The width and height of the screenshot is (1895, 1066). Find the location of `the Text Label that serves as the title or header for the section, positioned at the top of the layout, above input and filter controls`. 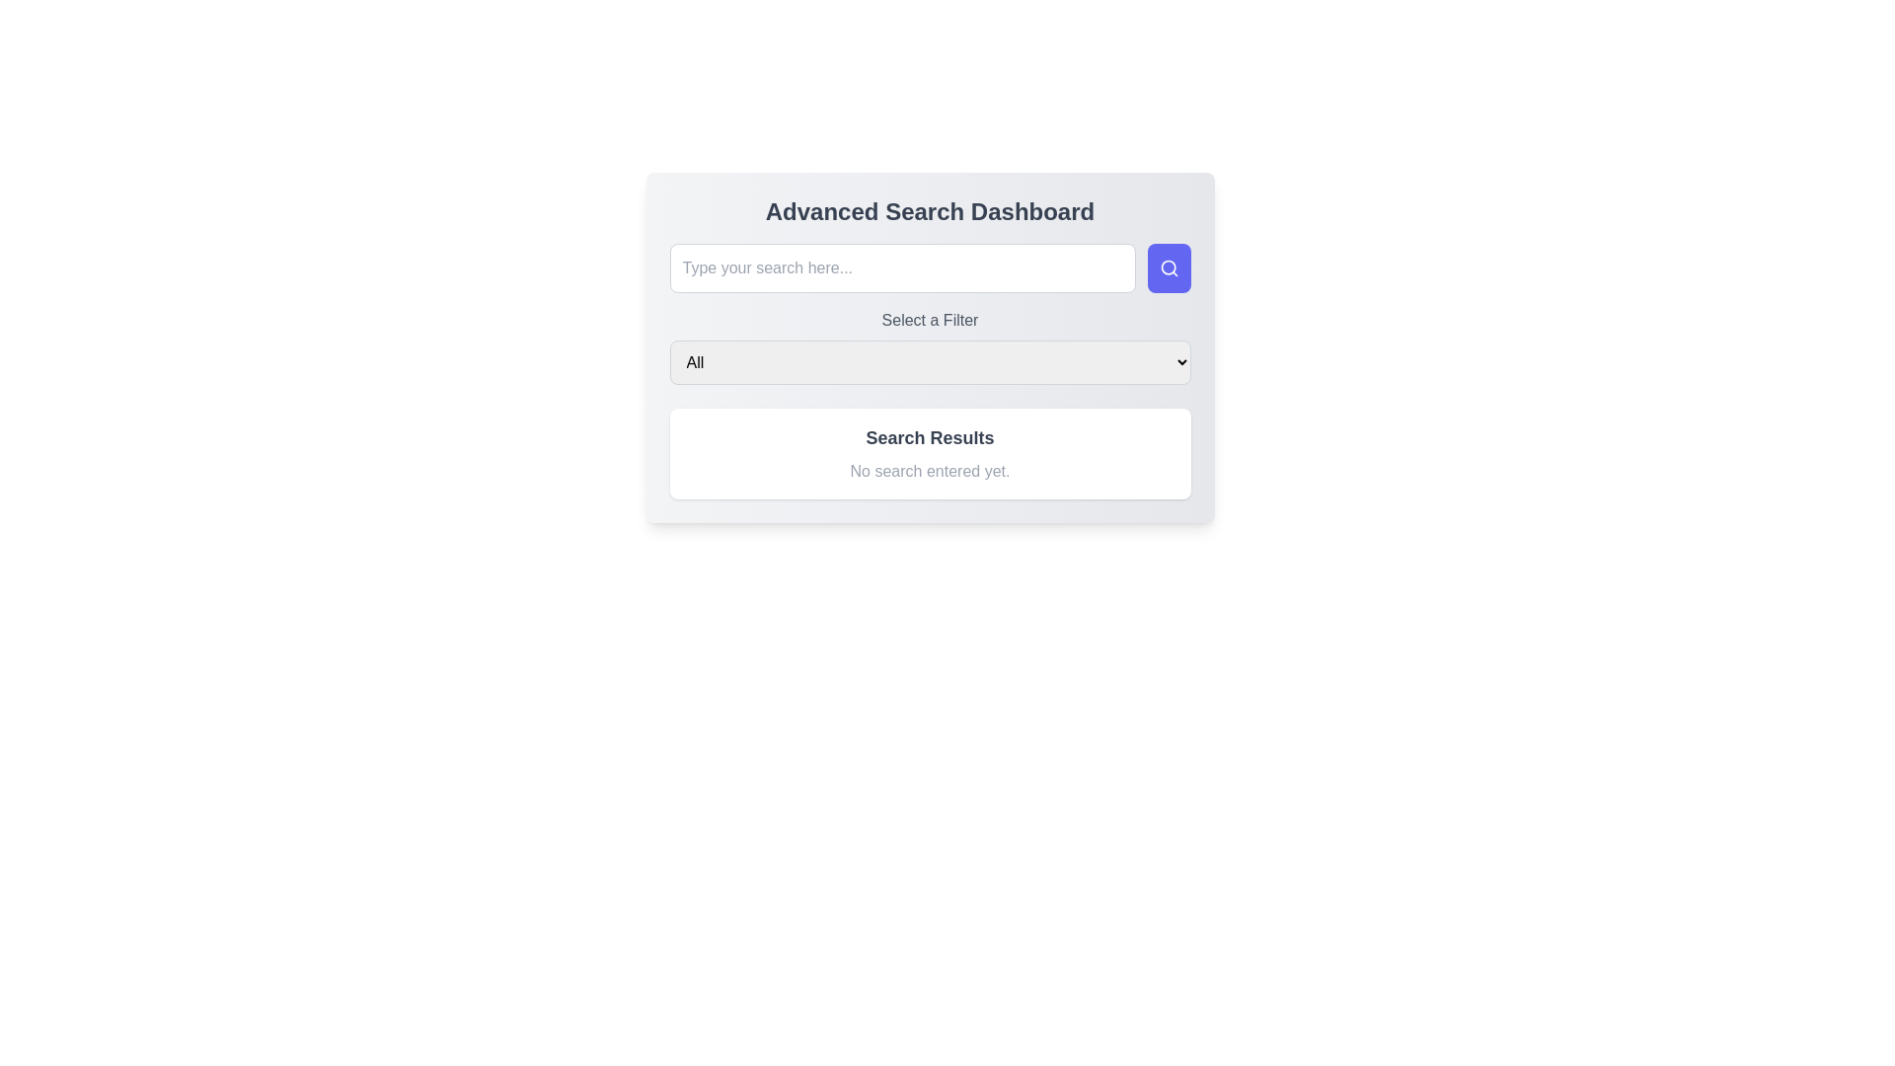

the Text Label that serves as the title or header for the section, positioned at the top of the layout, above input and filter controls is located at coordinates (929, 212).